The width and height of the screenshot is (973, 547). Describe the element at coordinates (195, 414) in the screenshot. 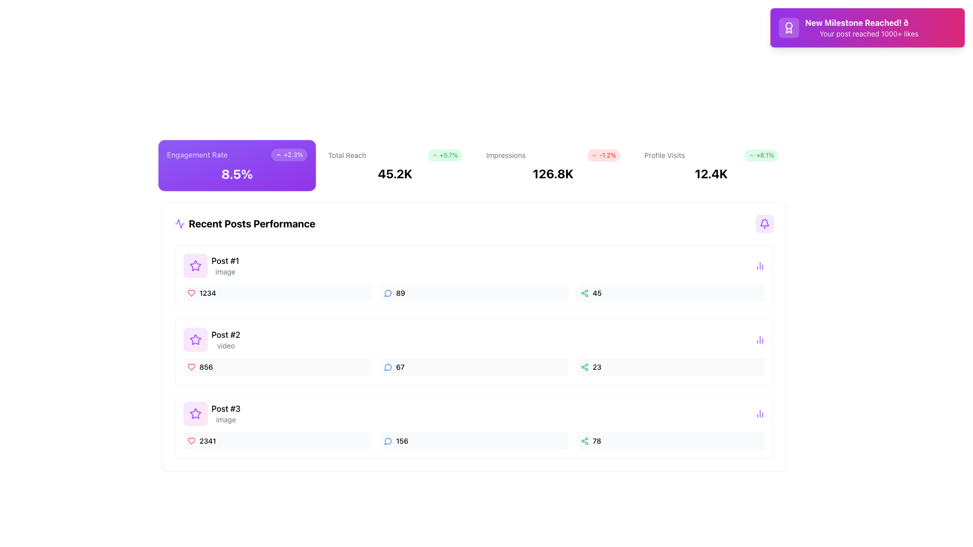

I see `the decorative icon in the 'Recent Posts Performance' section, which is located to the left of the text 'Post #3'` at that location.